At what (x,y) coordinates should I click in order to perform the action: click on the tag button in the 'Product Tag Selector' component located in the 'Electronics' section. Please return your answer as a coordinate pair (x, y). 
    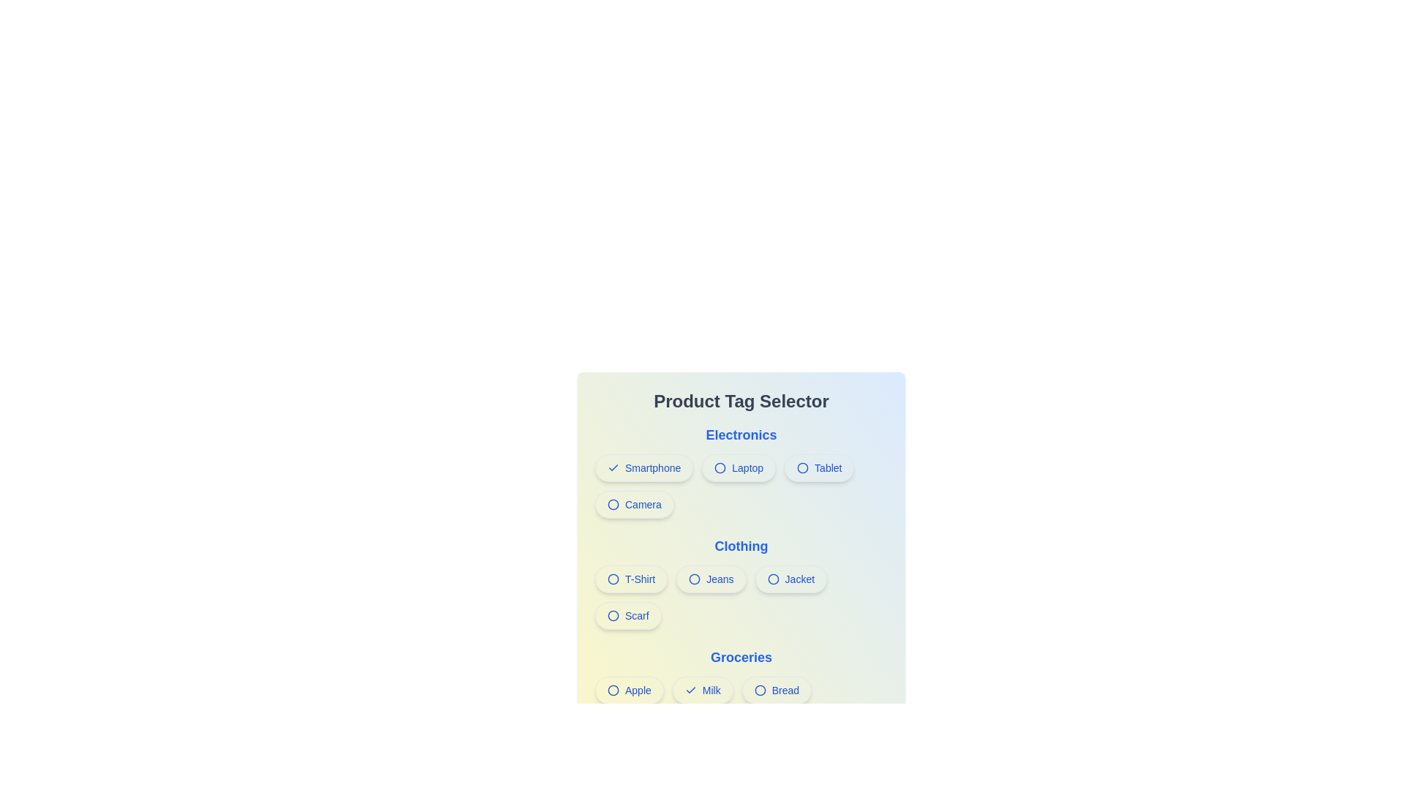
    Looking at the image, I should click on (741, 486).